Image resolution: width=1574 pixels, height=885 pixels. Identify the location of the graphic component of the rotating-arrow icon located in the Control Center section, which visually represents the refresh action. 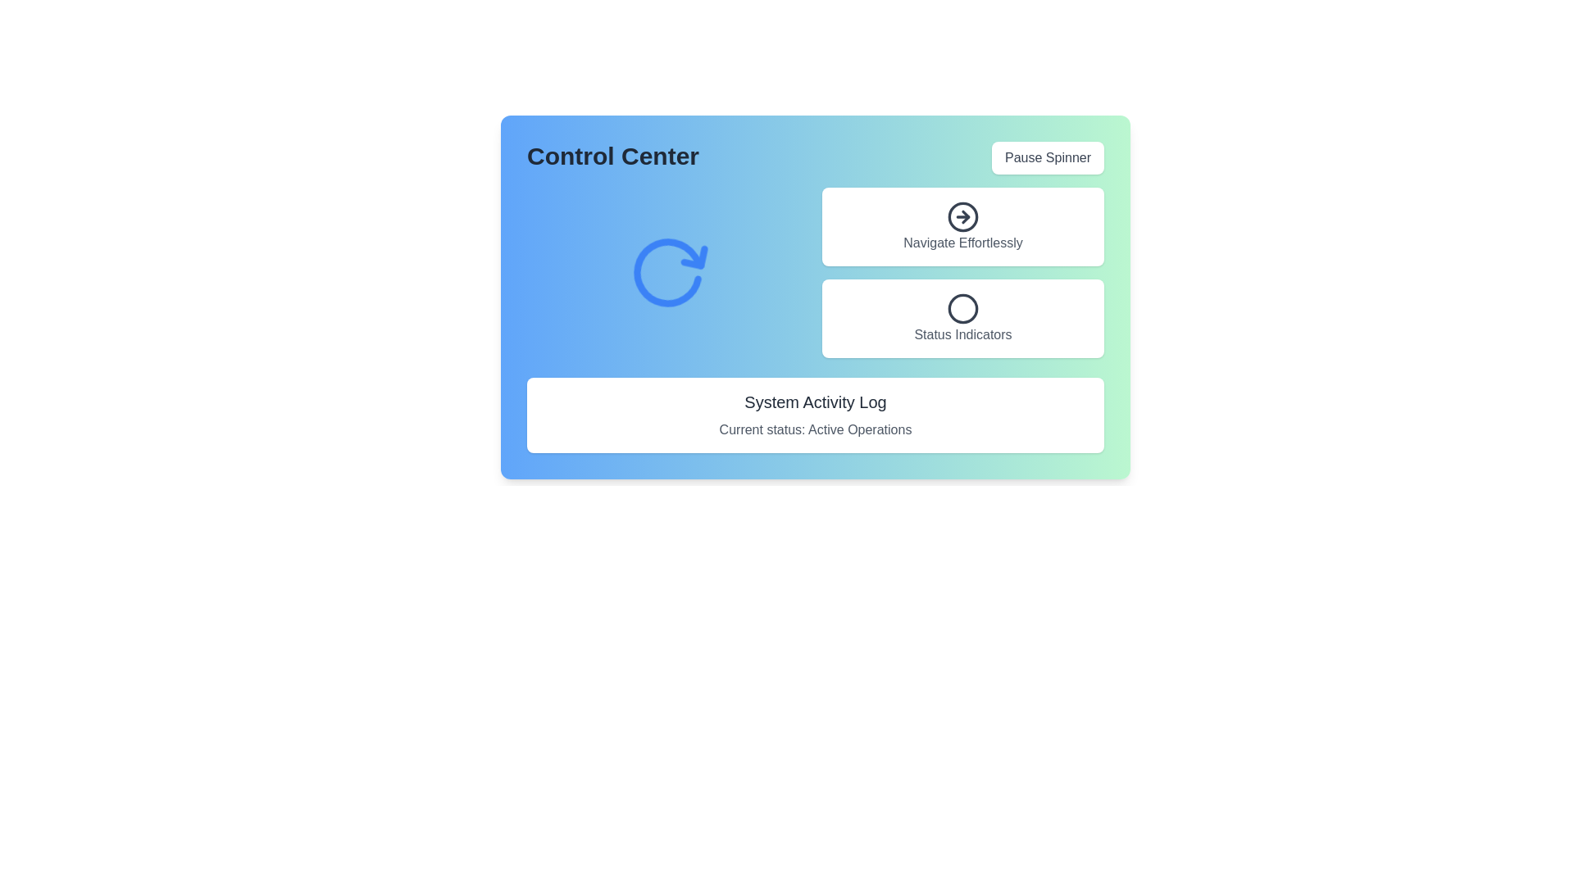
(657, 302).